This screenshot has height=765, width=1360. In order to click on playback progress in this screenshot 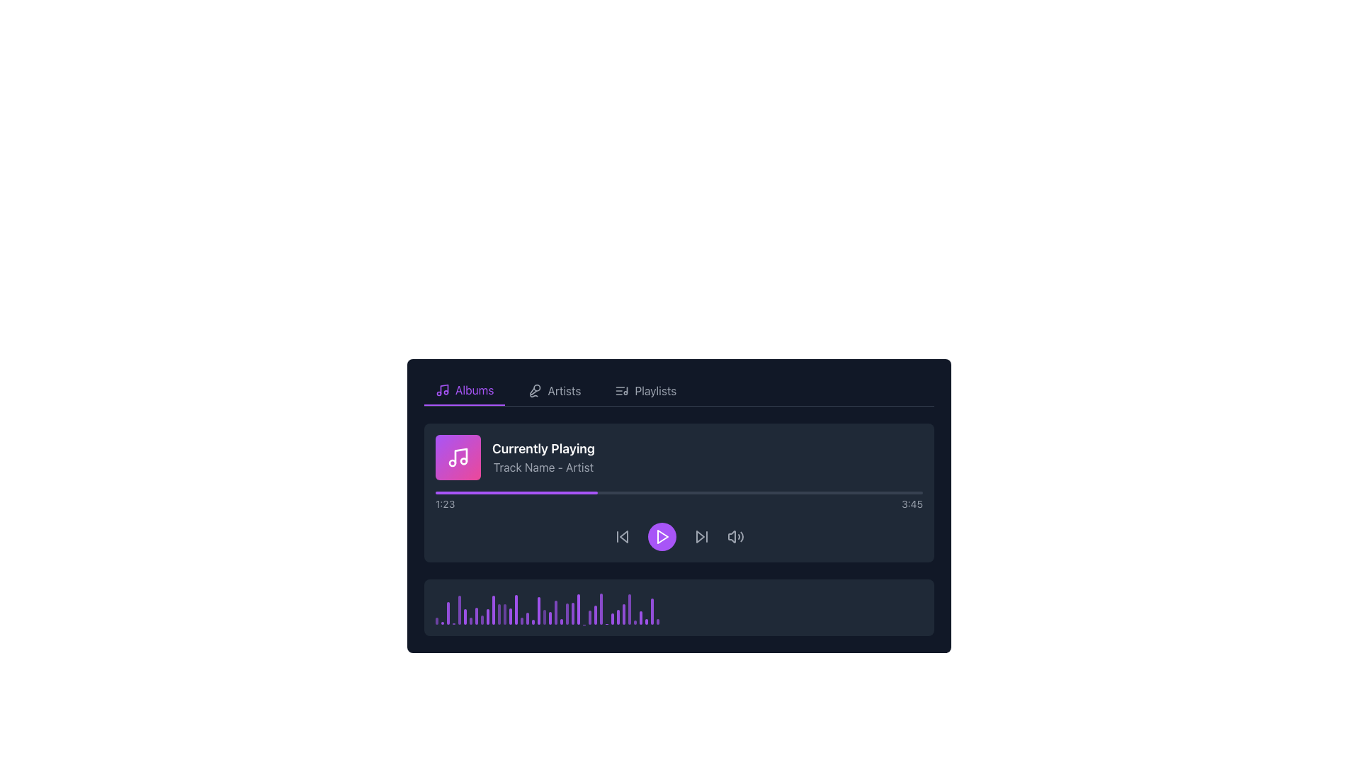, I will do `click(727, 492)`.